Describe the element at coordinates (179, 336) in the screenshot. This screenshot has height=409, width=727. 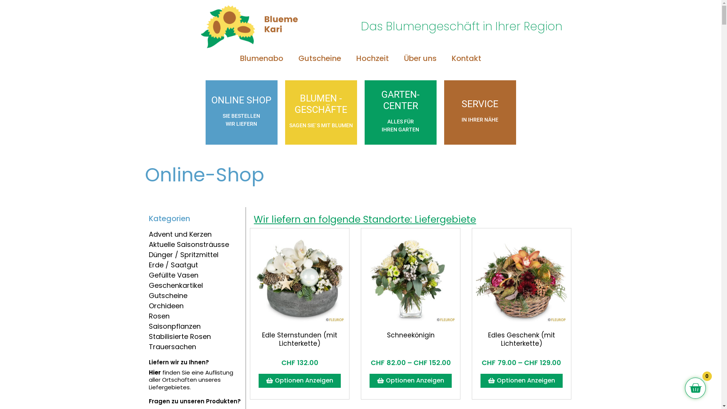
I see `'Stabilisierte Rosen'` at that location.